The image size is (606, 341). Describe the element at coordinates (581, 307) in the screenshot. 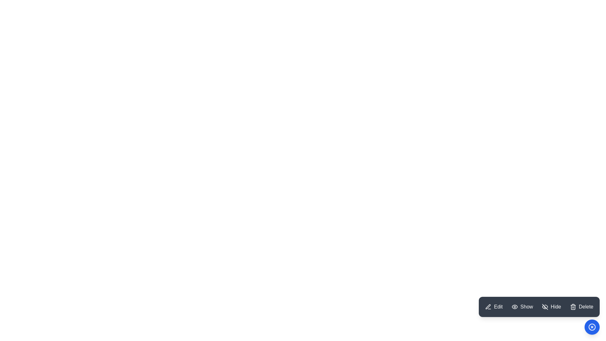

I see `the Delete button in the ModernSpeedDial menu` at that location.